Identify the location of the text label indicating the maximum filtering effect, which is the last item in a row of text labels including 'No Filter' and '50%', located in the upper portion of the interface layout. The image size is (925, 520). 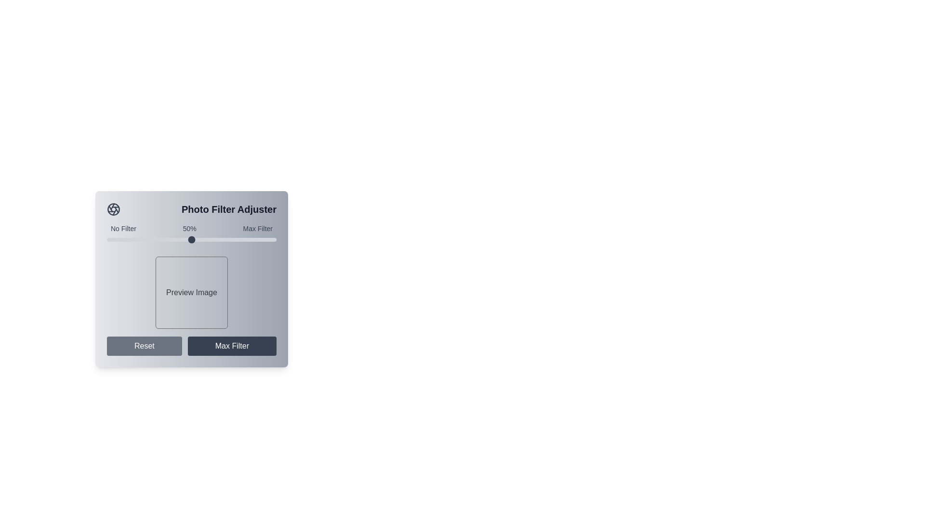
(258, 228).